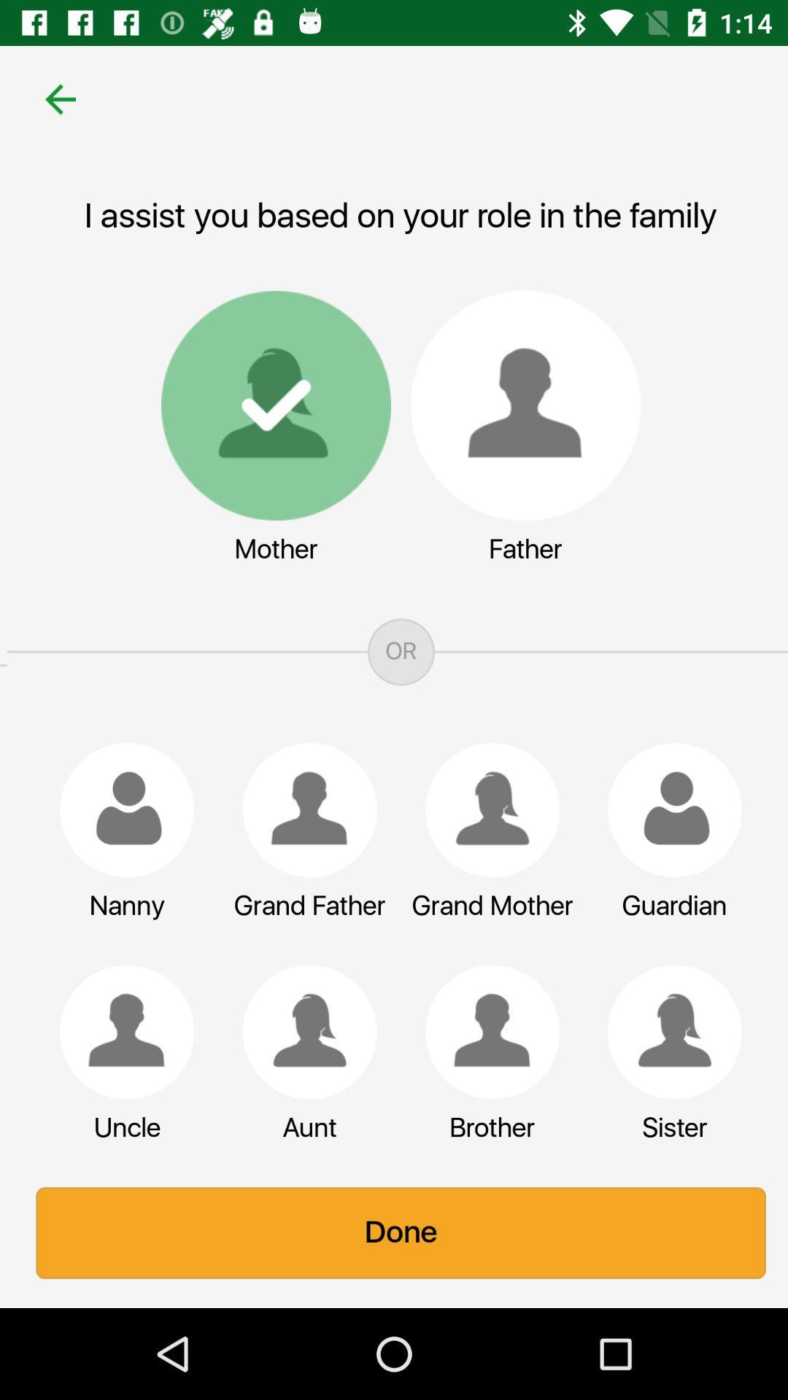 This screenshot has width=788, height=1400. Describe the element at coordinates (668, 1031) in the screenshot. I see `relative` at that location.